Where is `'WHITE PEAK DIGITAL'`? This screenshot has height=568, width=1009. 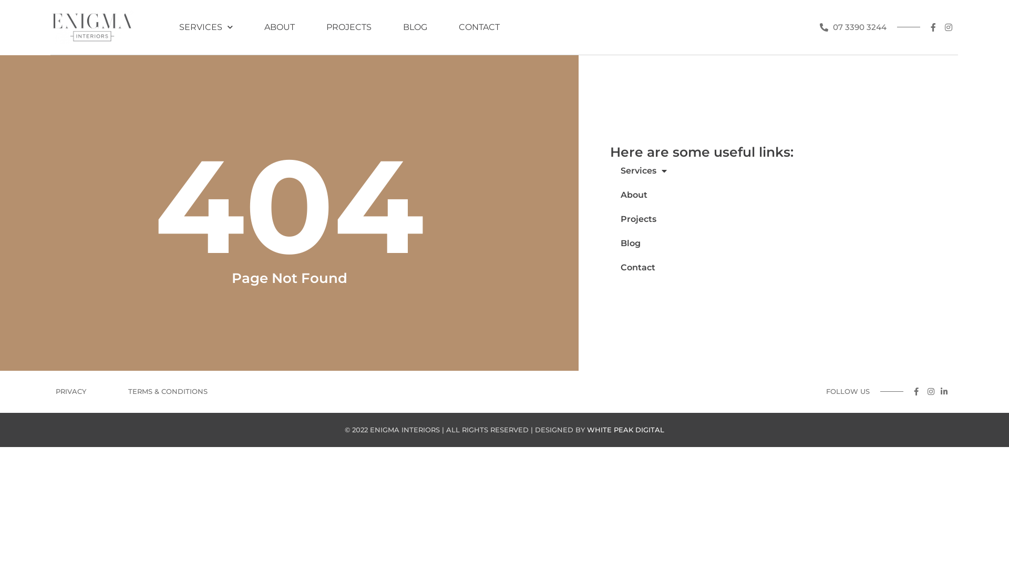
'WHITE PEAK DIGITAL' is located at coordinates (625, 430).